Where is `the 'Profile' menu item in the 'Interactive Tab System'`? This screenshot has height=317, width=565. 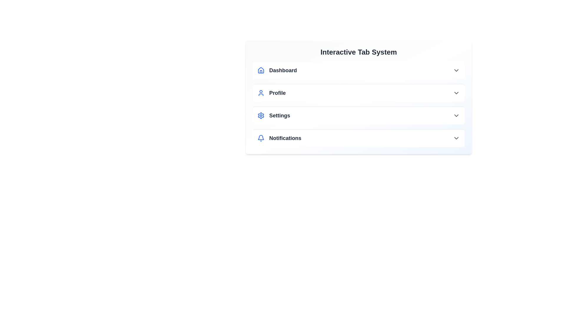
the 'Profile' menu item in the 'Interactive Tab System' is located at coordinates (358, 92).